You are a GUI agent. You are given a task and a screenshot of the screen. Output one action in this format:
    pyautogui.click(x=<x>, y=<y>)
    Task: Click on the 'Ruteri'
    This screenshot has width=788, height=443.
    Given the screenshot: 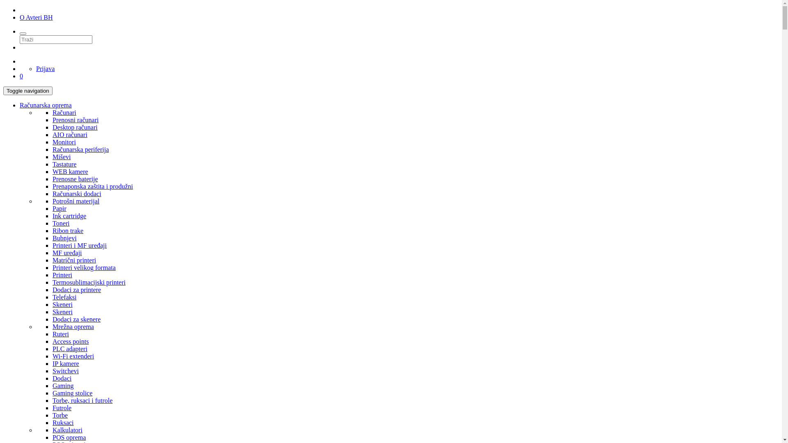 What is the action you would take?
    pyautogui.click(x=52, y=334)
    